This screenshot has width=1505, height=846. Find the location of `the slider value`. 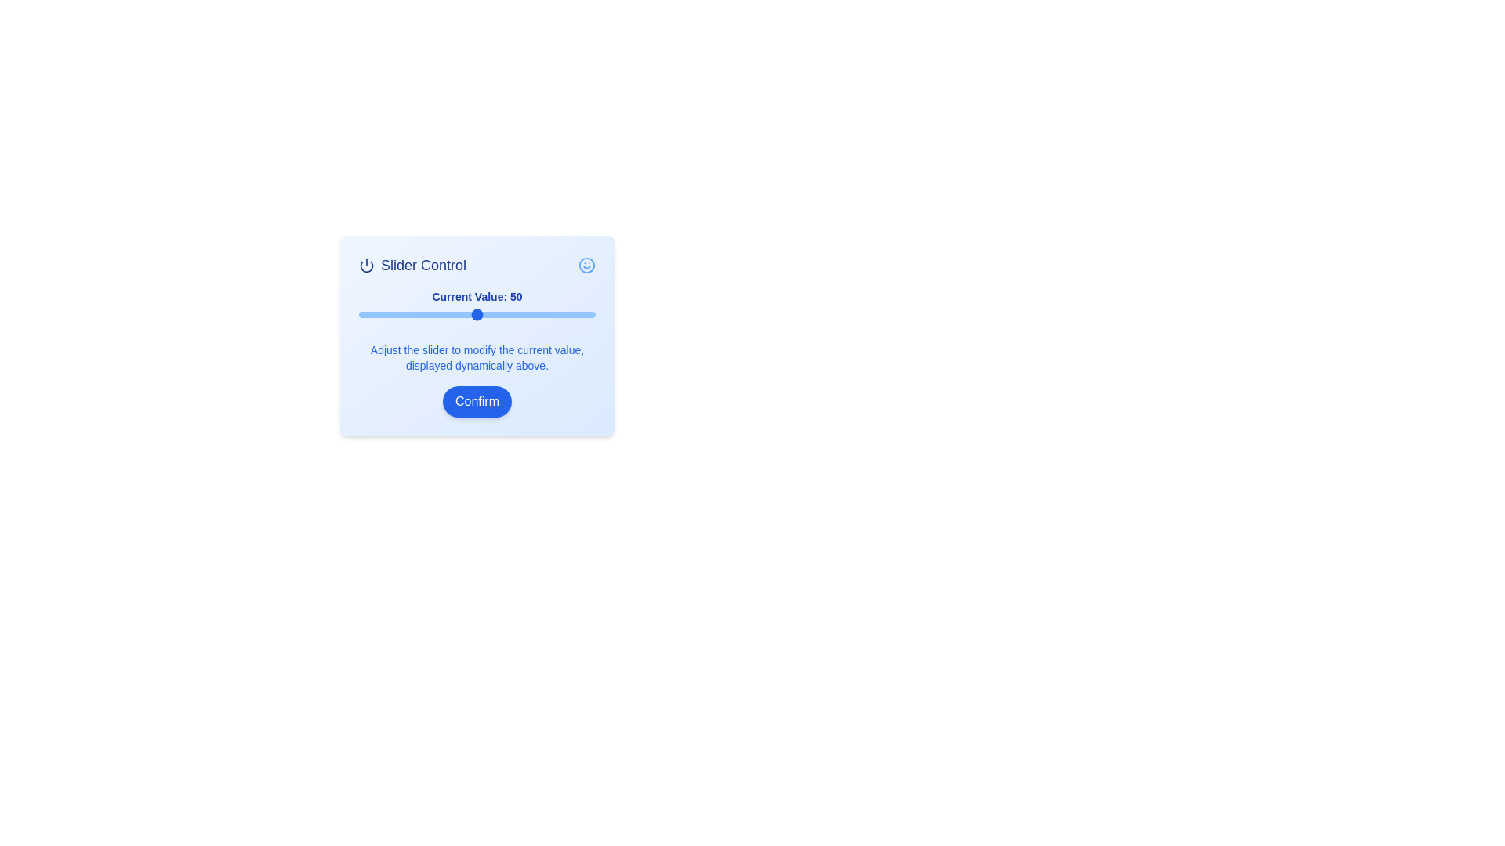

the slider value is located at coordinates (427, 314).